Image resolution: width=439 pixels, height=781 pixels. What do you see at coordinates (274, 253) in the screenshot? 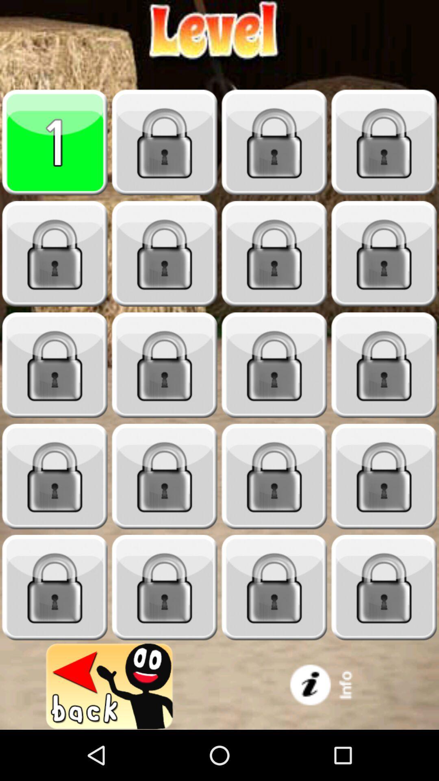
I see `see what is behind the lock icon` at bounding box center [274, 253].